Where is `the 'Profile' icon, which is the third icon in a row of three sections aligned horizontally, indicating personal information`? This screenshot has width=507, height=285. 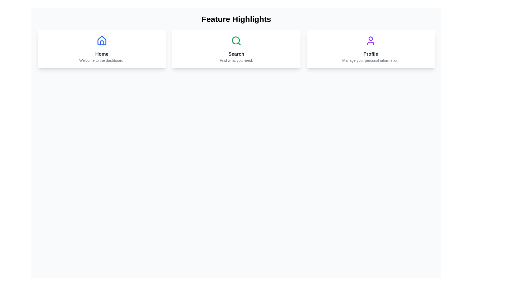 the 'Profile' icon, which is the third icon in a row of three sections aligned horizontally, indicating personal information is located at coordinates (370, 40).